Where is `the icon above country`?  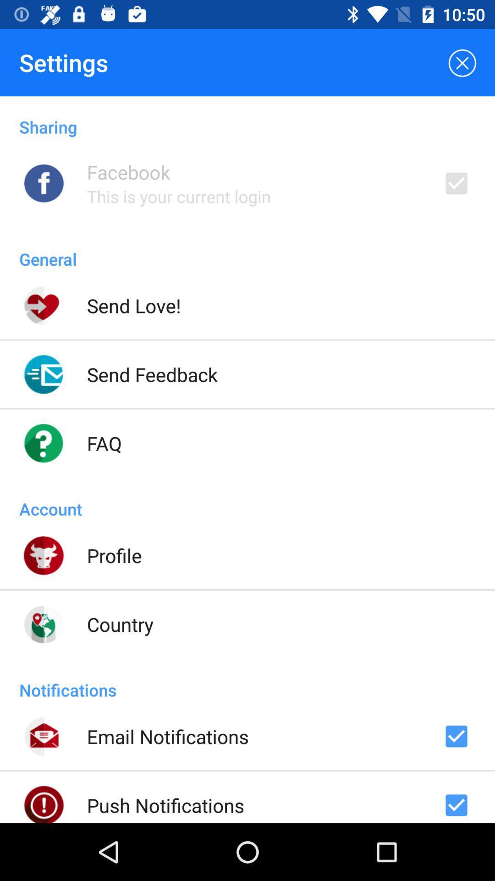 the icon above country is located at coordinates (114, 555).